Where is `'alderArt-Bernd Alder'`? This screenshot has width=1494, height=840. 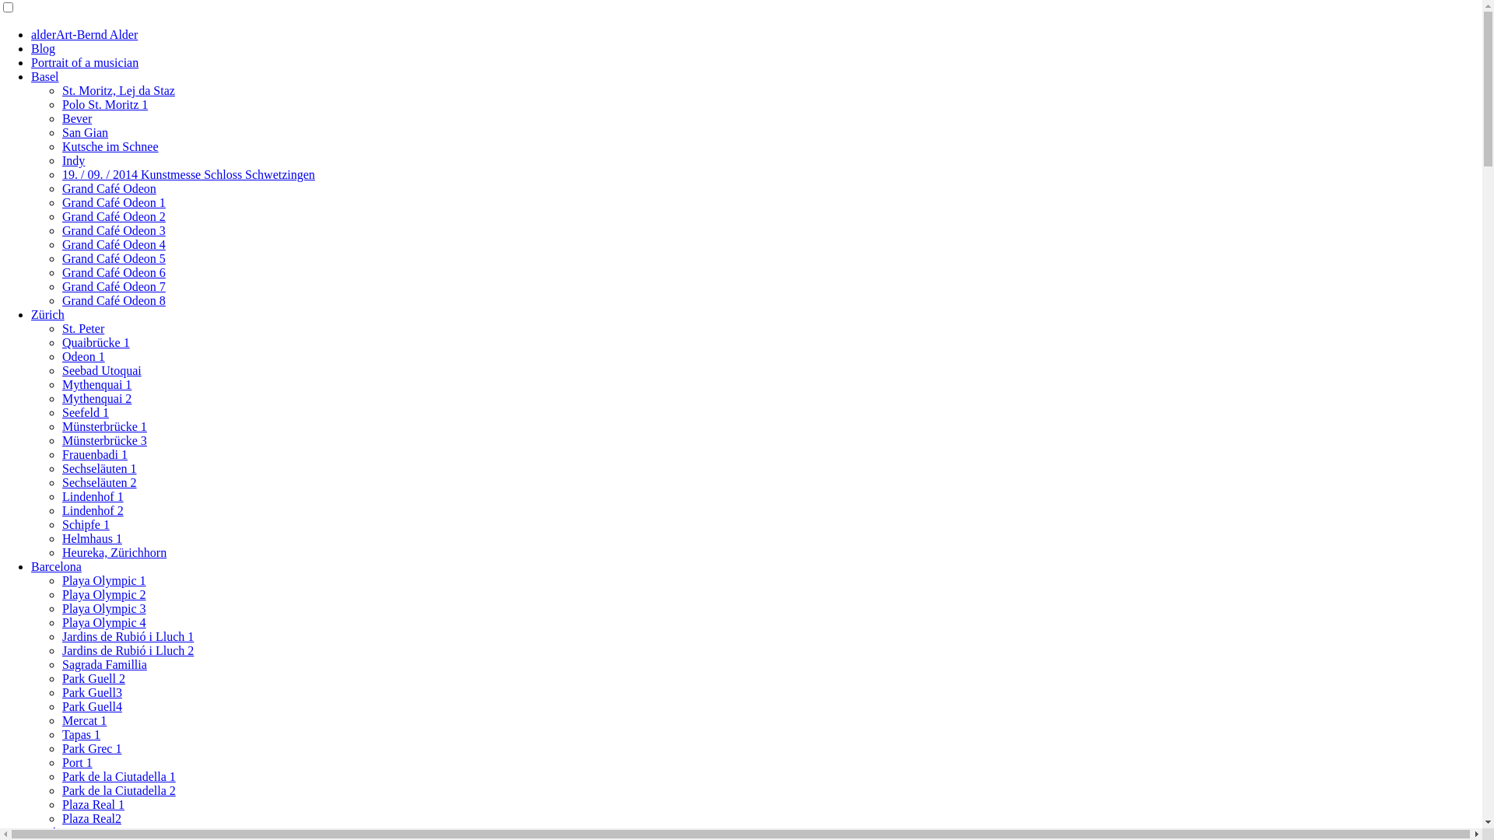 'alderArt-Bernd Alder' is located at coordinates (30, 34).